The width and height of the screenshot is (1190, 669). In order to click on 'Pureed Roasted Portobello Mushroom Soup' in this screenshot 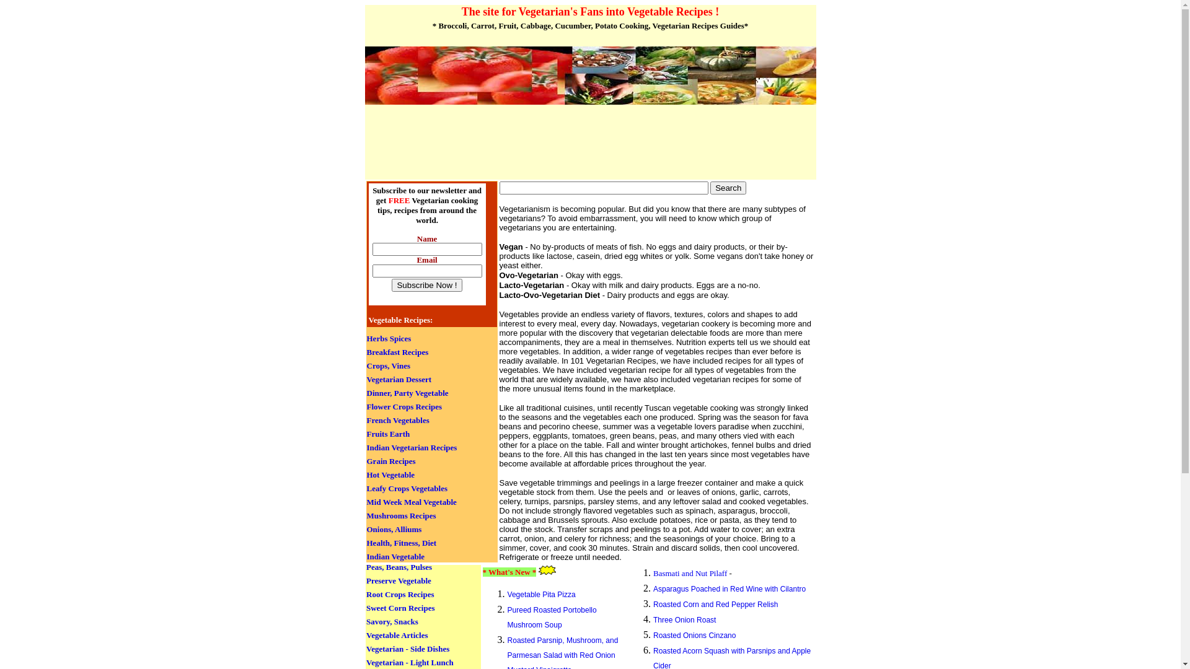, I will do `click(552, 617)`.